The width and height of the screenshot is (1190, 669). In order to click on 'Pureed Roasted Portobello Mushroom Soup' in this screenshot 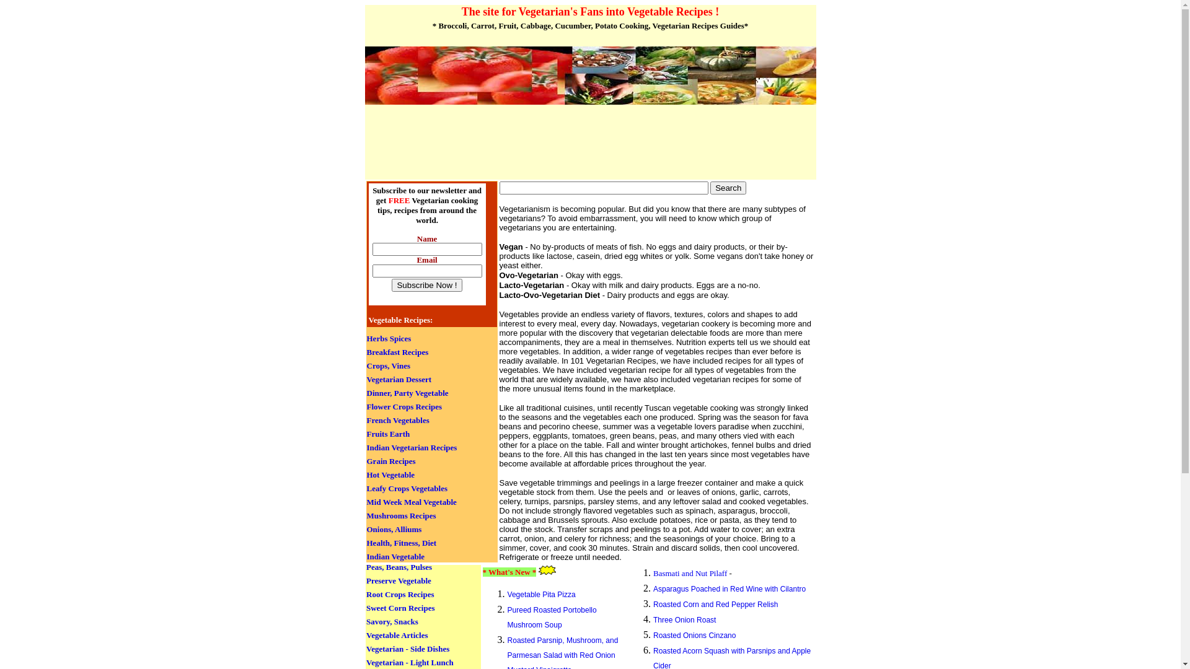, I will do `click(552, 617)`.